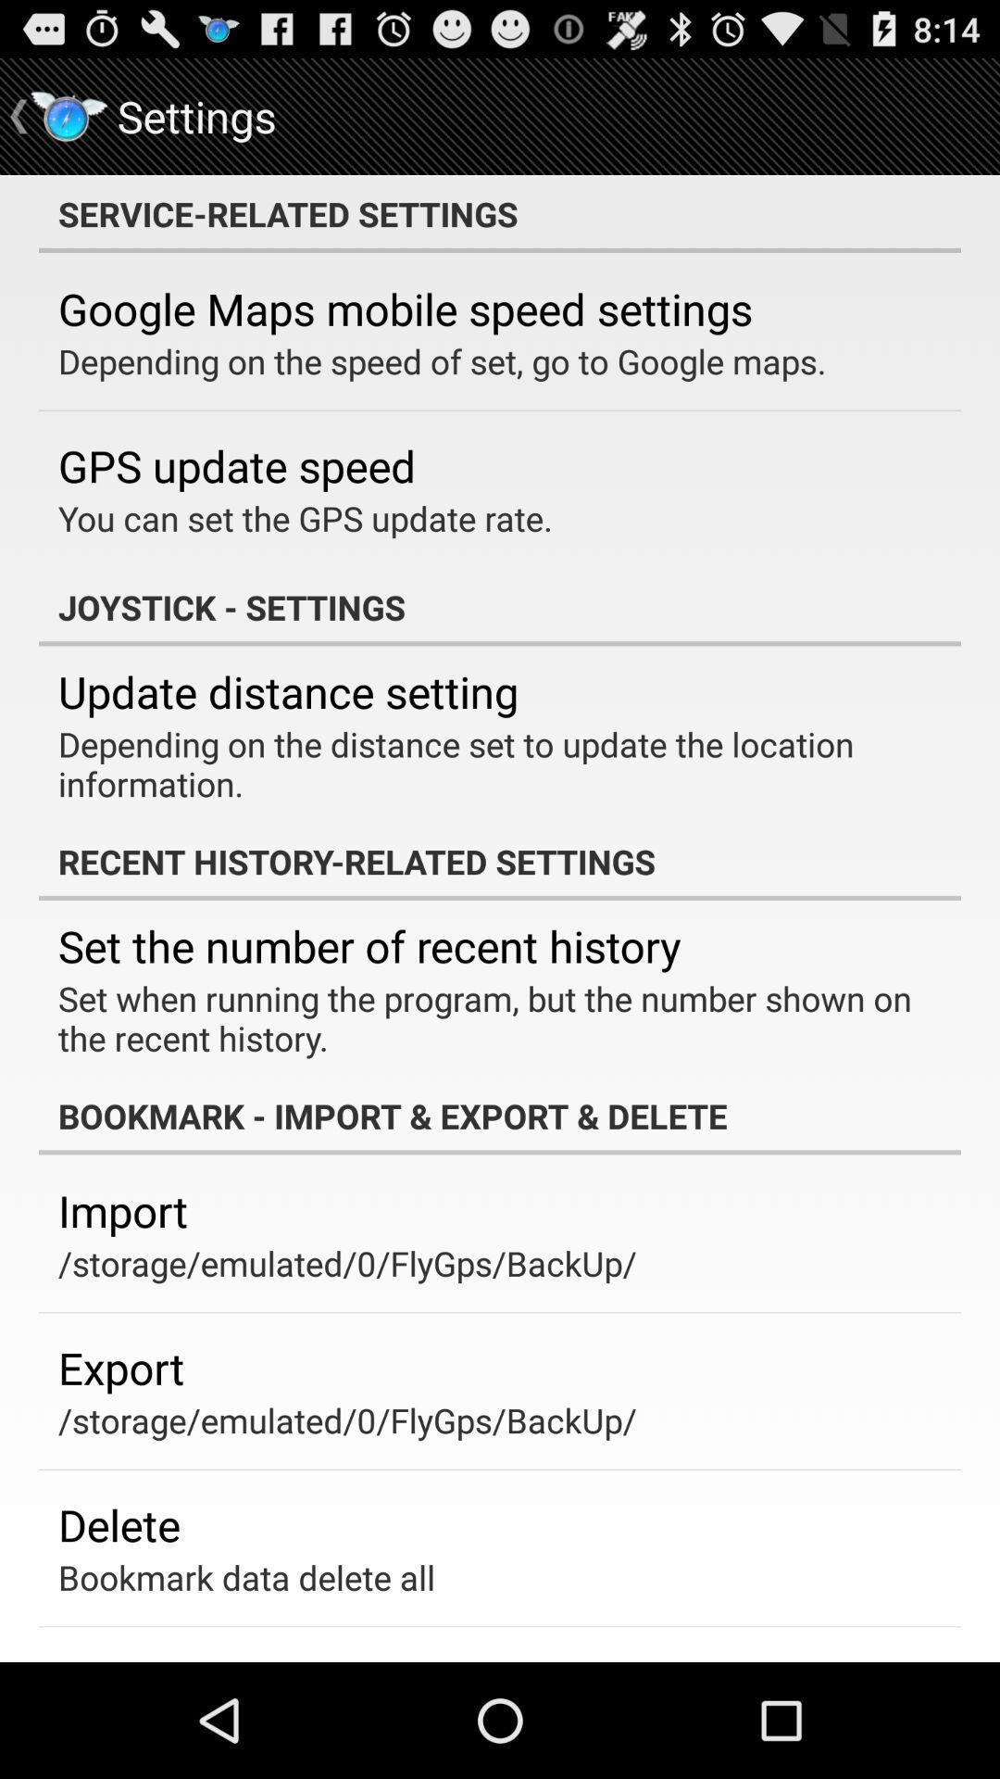 Image resolution: width=1000 pixels, height=1779 pixels. I want to click on bookmark import export, so click(500, 1115).